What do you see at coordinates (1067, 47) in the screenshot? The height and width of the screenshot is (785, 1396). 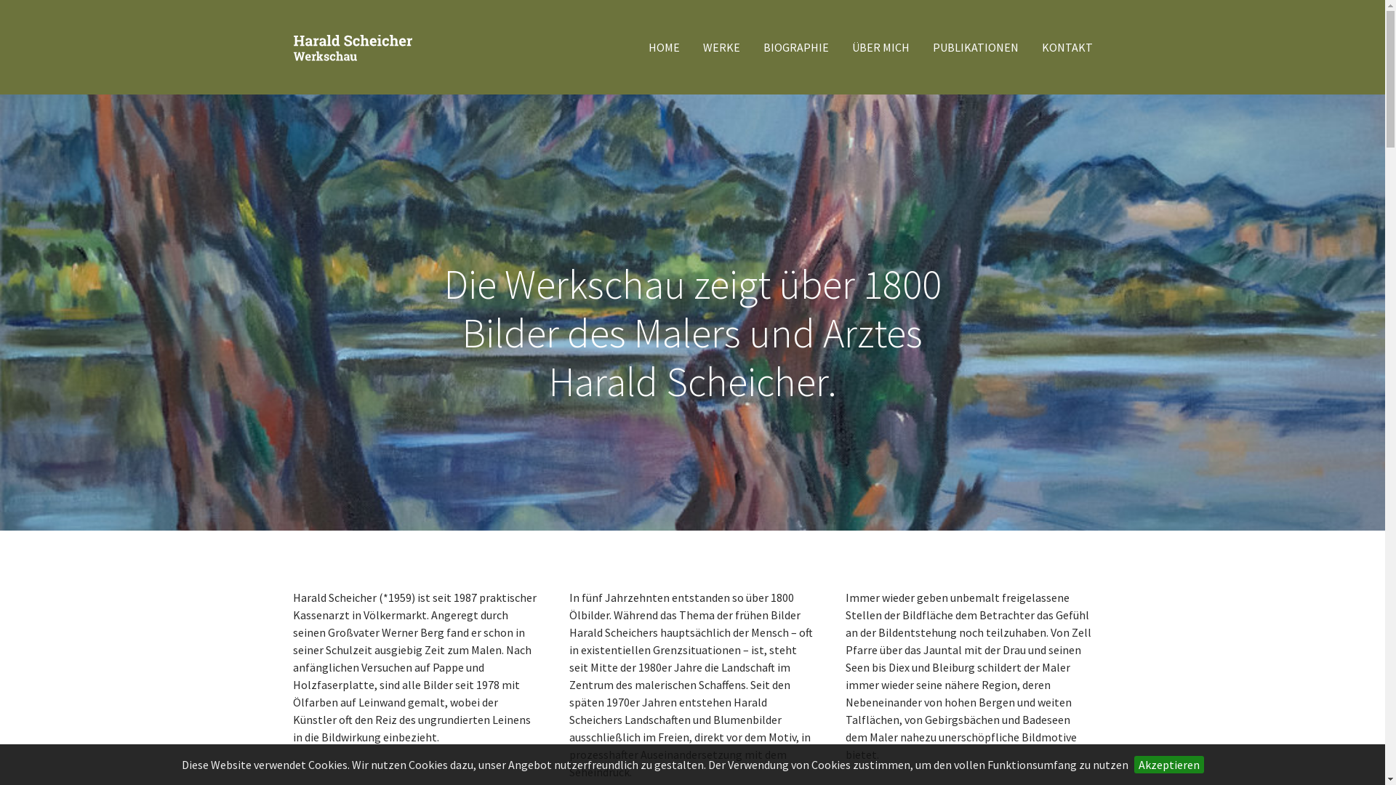 I see `'KONTAKT'` at bounding box center [1067, 47].